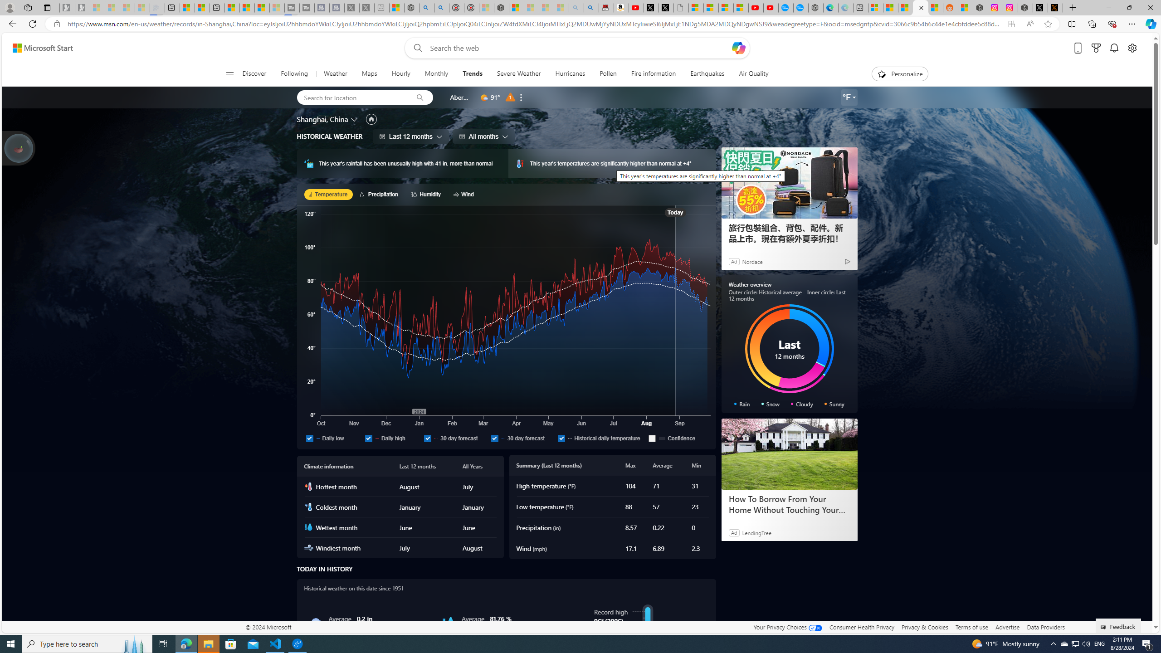  I want to click on 'X - Sleeping', so click(366, 7).